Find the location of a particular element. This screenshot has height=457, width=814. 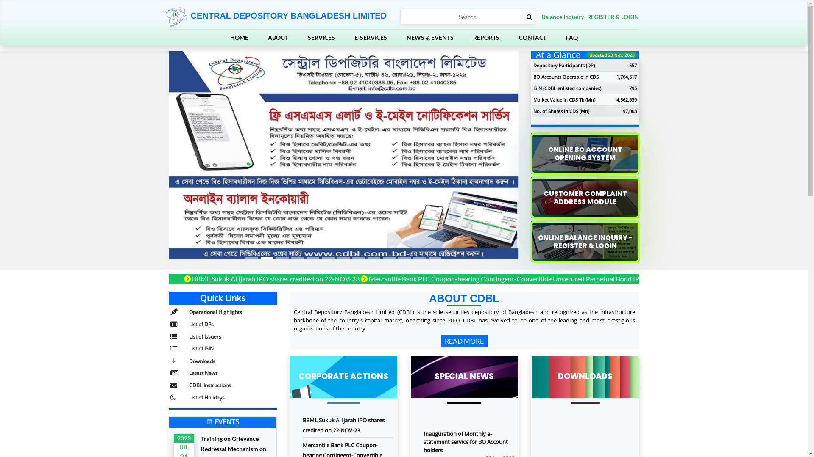

'ONLINE BALANCE INQUIRY - REGISTER & LOGIN' is located at coordinates (584, 241).